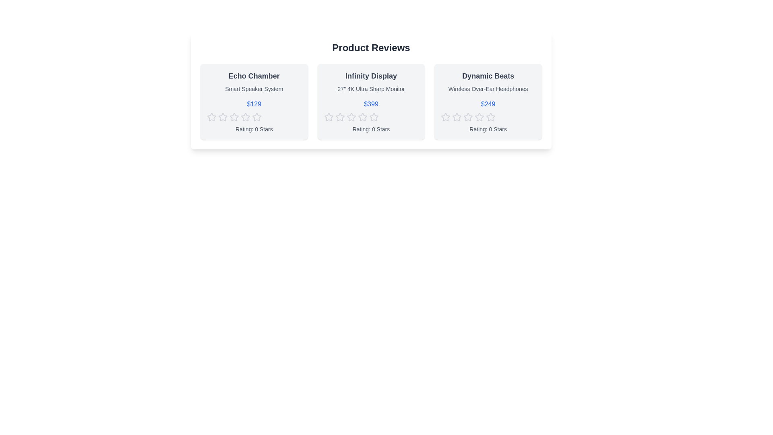  I want to click on the fourth star icon in the rating system of the 'Dynamic Beats' product card, which has a hollow interior and a grayish outline, so click(490, 117).